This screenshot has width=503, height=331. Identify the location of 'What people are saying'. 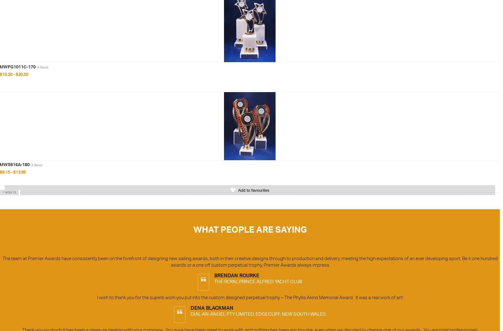
(249, 230).